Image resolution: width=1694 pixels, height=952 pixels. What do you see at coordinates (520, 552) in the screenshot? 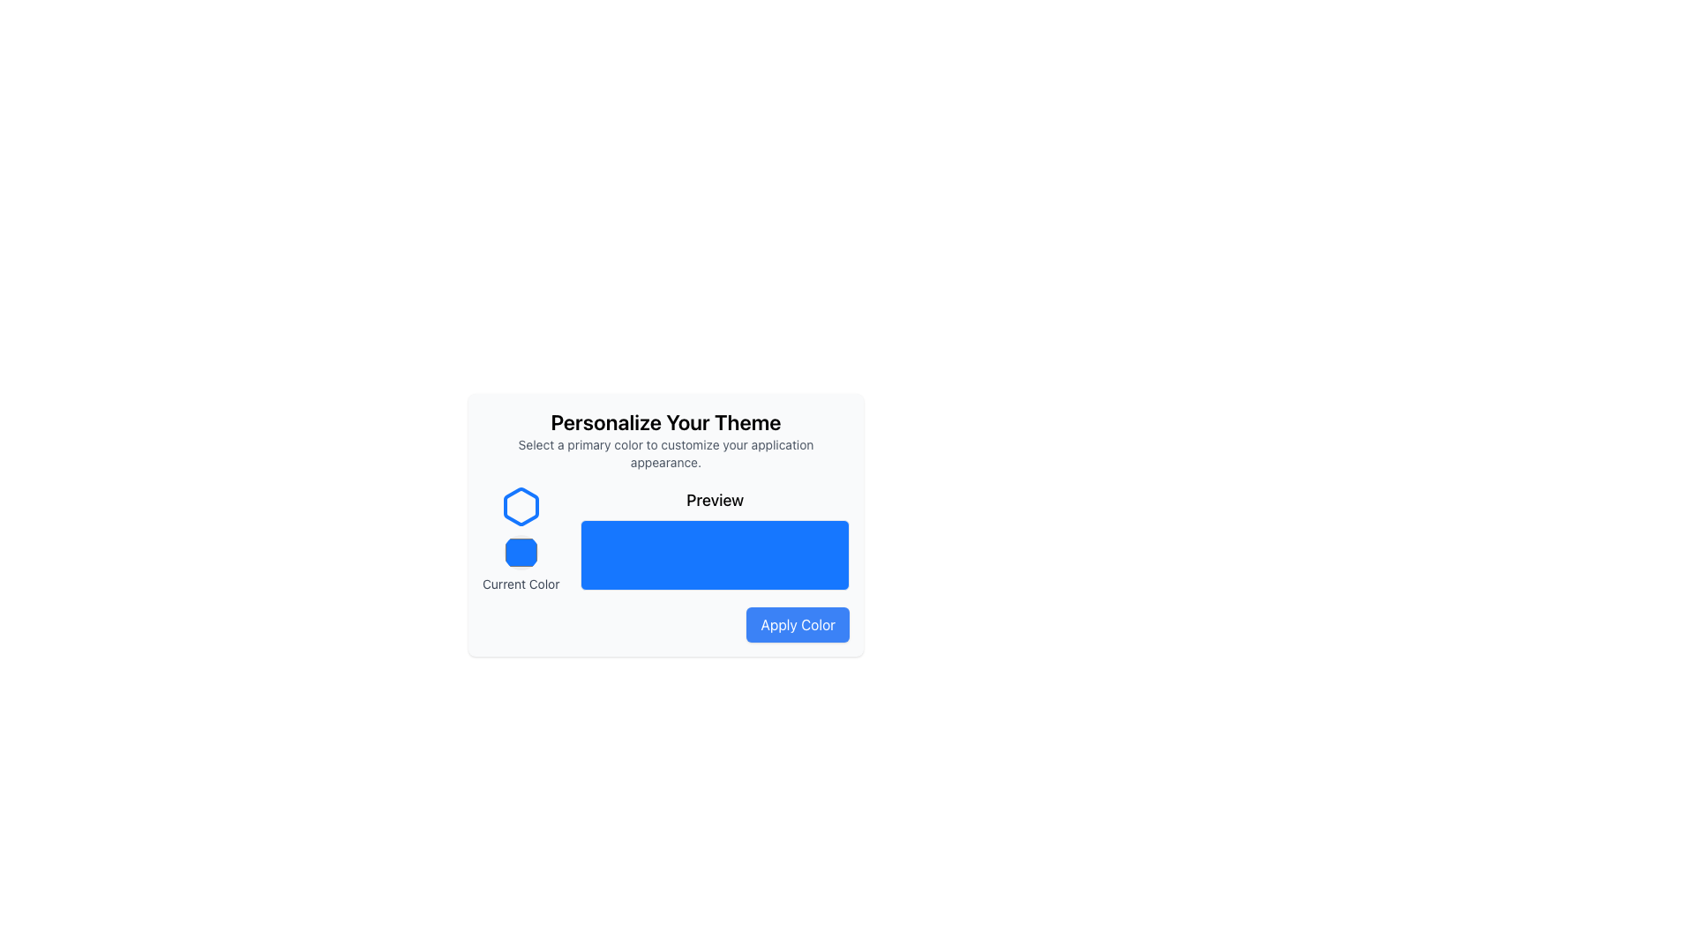
I see `the blue selection button located in the 'Current Color' section` at bounding box center [520, 552].